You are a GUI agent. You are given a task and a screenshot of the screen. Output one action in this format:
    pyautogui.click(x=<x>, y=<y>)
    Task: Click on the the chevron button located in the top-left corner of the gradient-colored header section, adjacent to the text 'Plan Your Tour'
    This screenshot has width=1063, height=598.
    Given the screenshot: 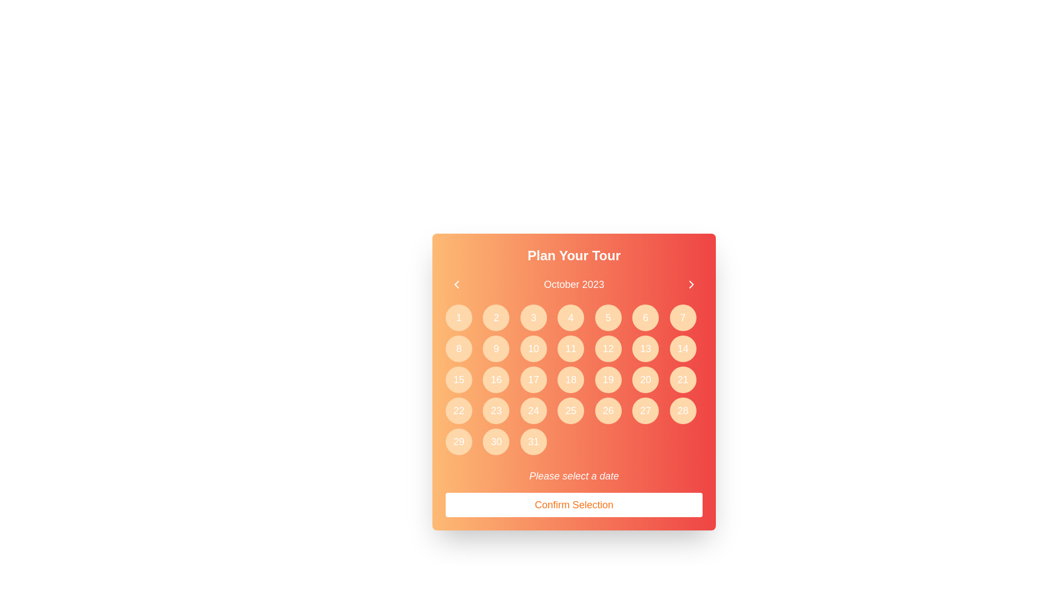 What is the action you would take?
    pyautogui.click(x=457, y=283)
    